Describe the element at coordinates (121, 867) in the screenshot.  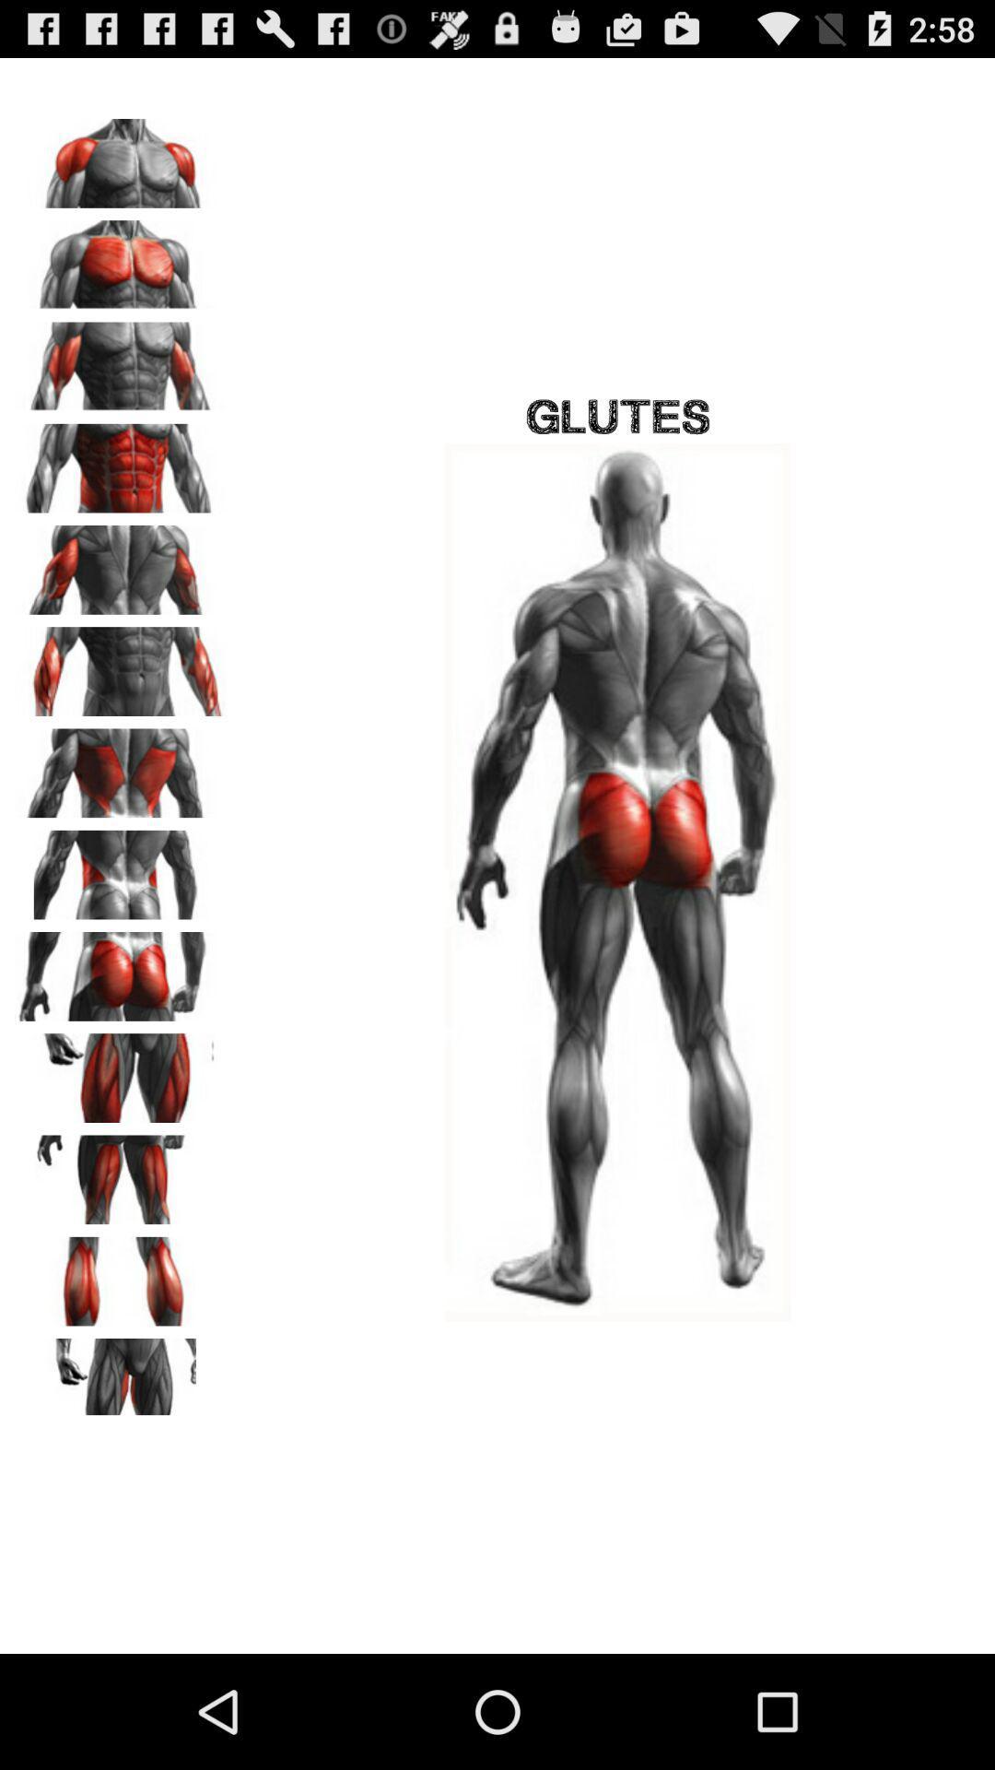
I see `external oblique selection` at that location.